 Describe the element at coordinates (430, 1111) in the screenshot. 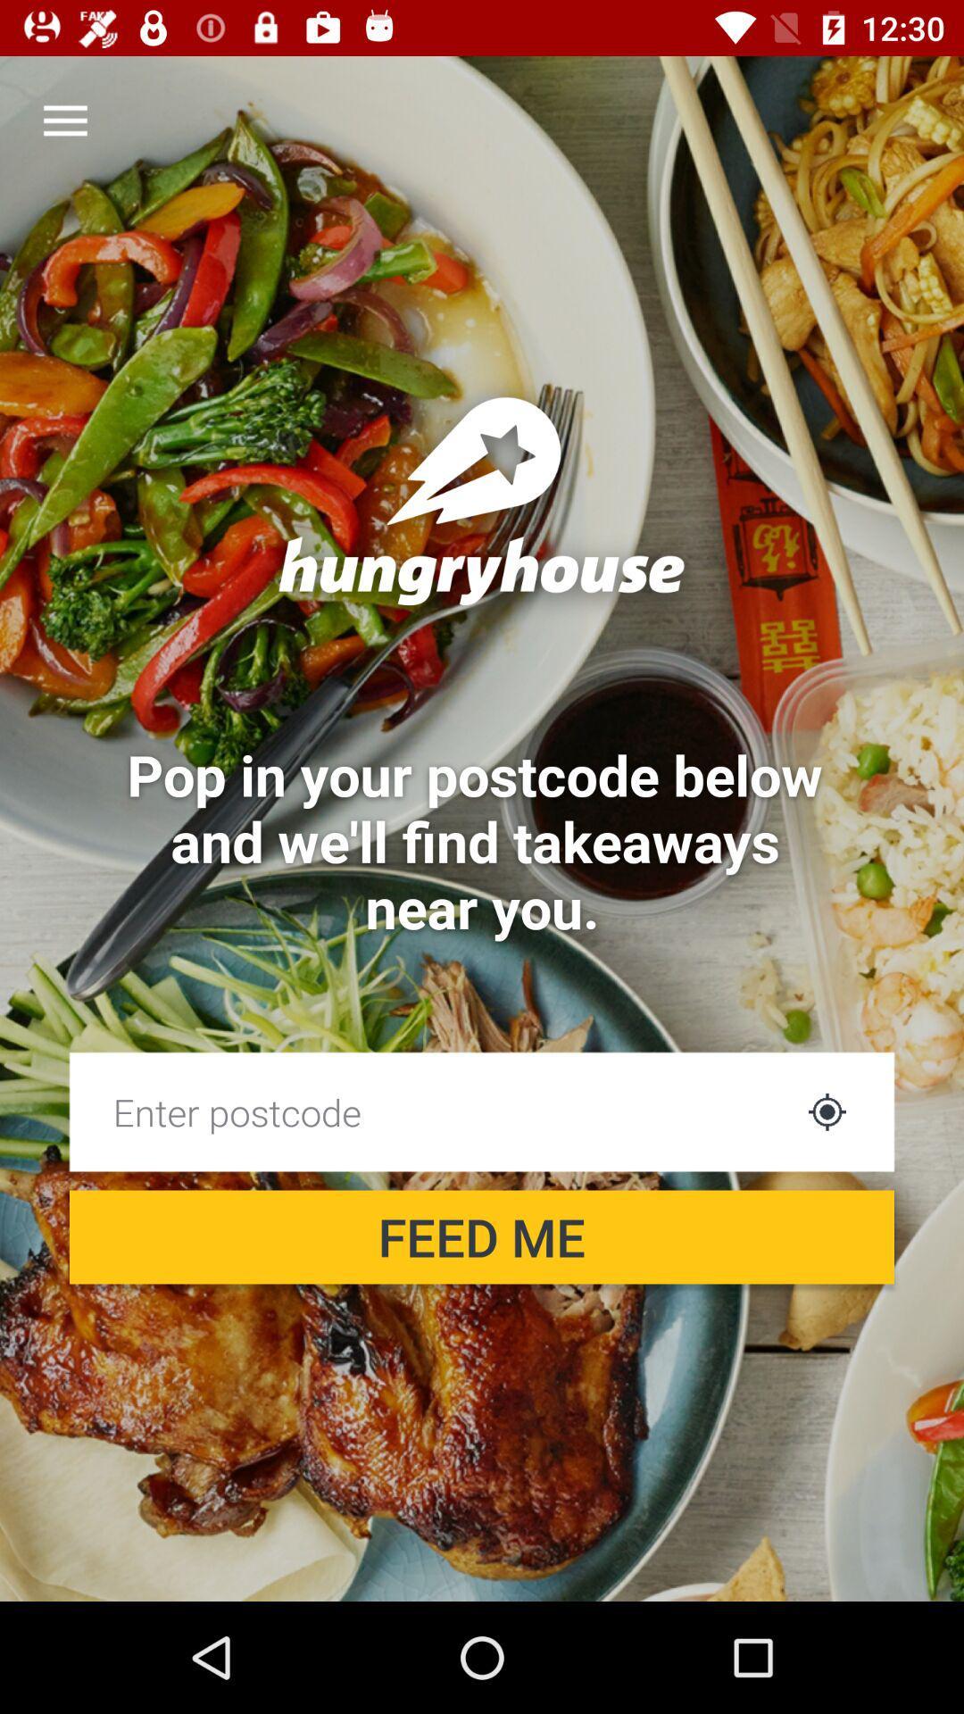

I see `the item above the feed me item` at that location.